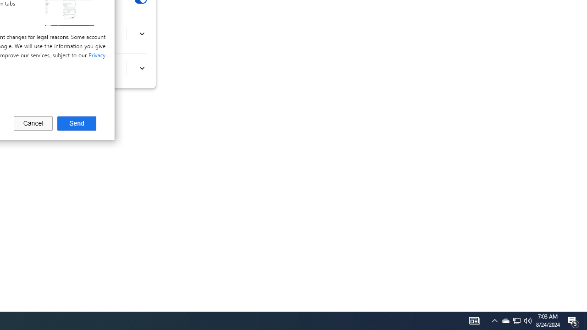 This screenshot has width=587, height=330. What do you see at coordinates (573, 320) in the screenshot?
I see `'Action Center, 5 new notifications'` at bounding box center [573, 320].